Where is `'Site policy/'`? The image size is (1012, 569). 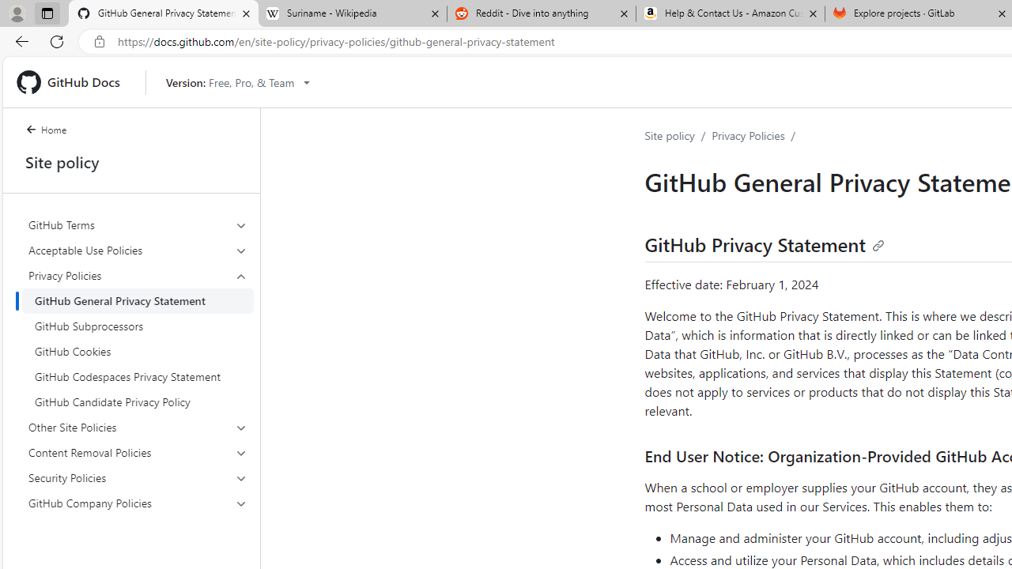 'Site policy/' is located at coordinates (678, 134).